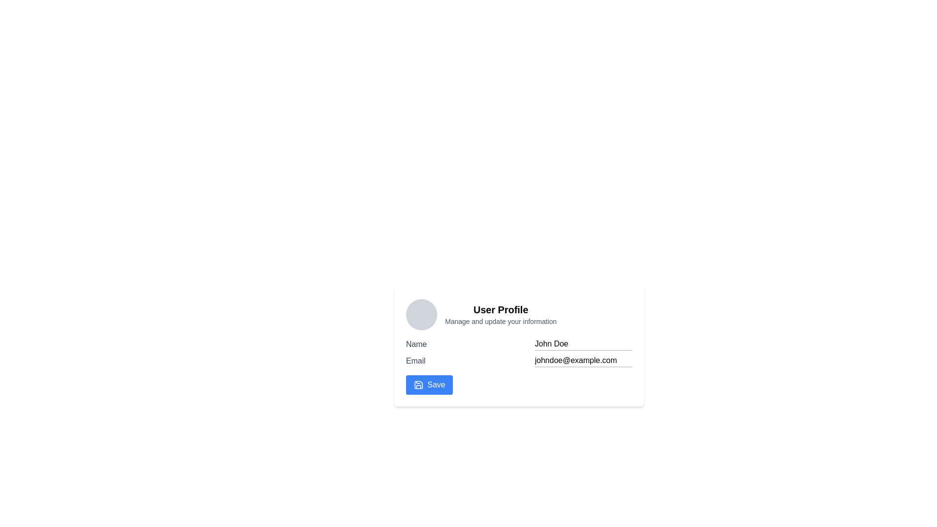 The image size is (937, 527). I want to click on the Text Label indicating the purpose of the adjacent email input field, which is located directly above the text input showing 'johndoe@example.com', so click(416, 361).